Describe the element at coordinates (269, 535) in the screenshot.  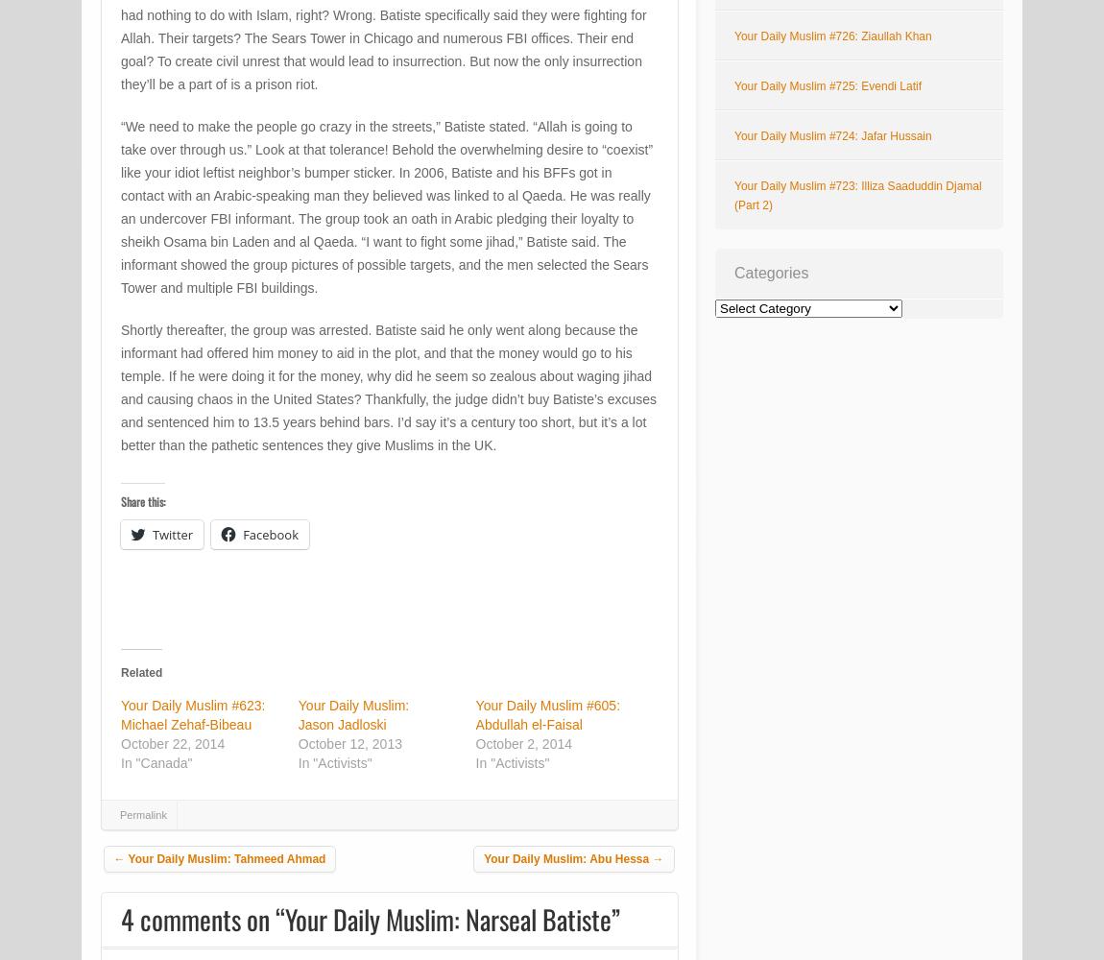
I see `'Facebook'` at that location.